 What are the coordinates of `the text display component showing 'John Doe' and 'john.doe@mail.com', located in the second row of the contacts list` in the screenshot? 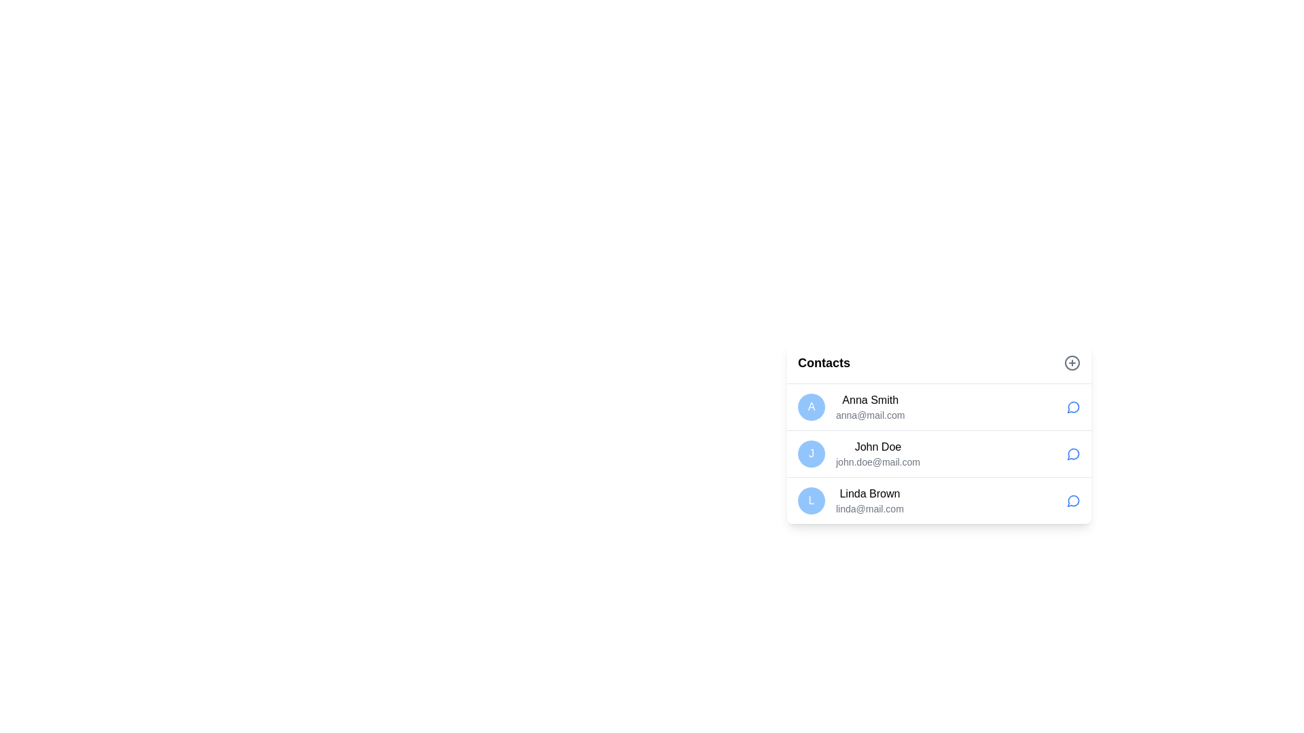 It's located at (877, 453).